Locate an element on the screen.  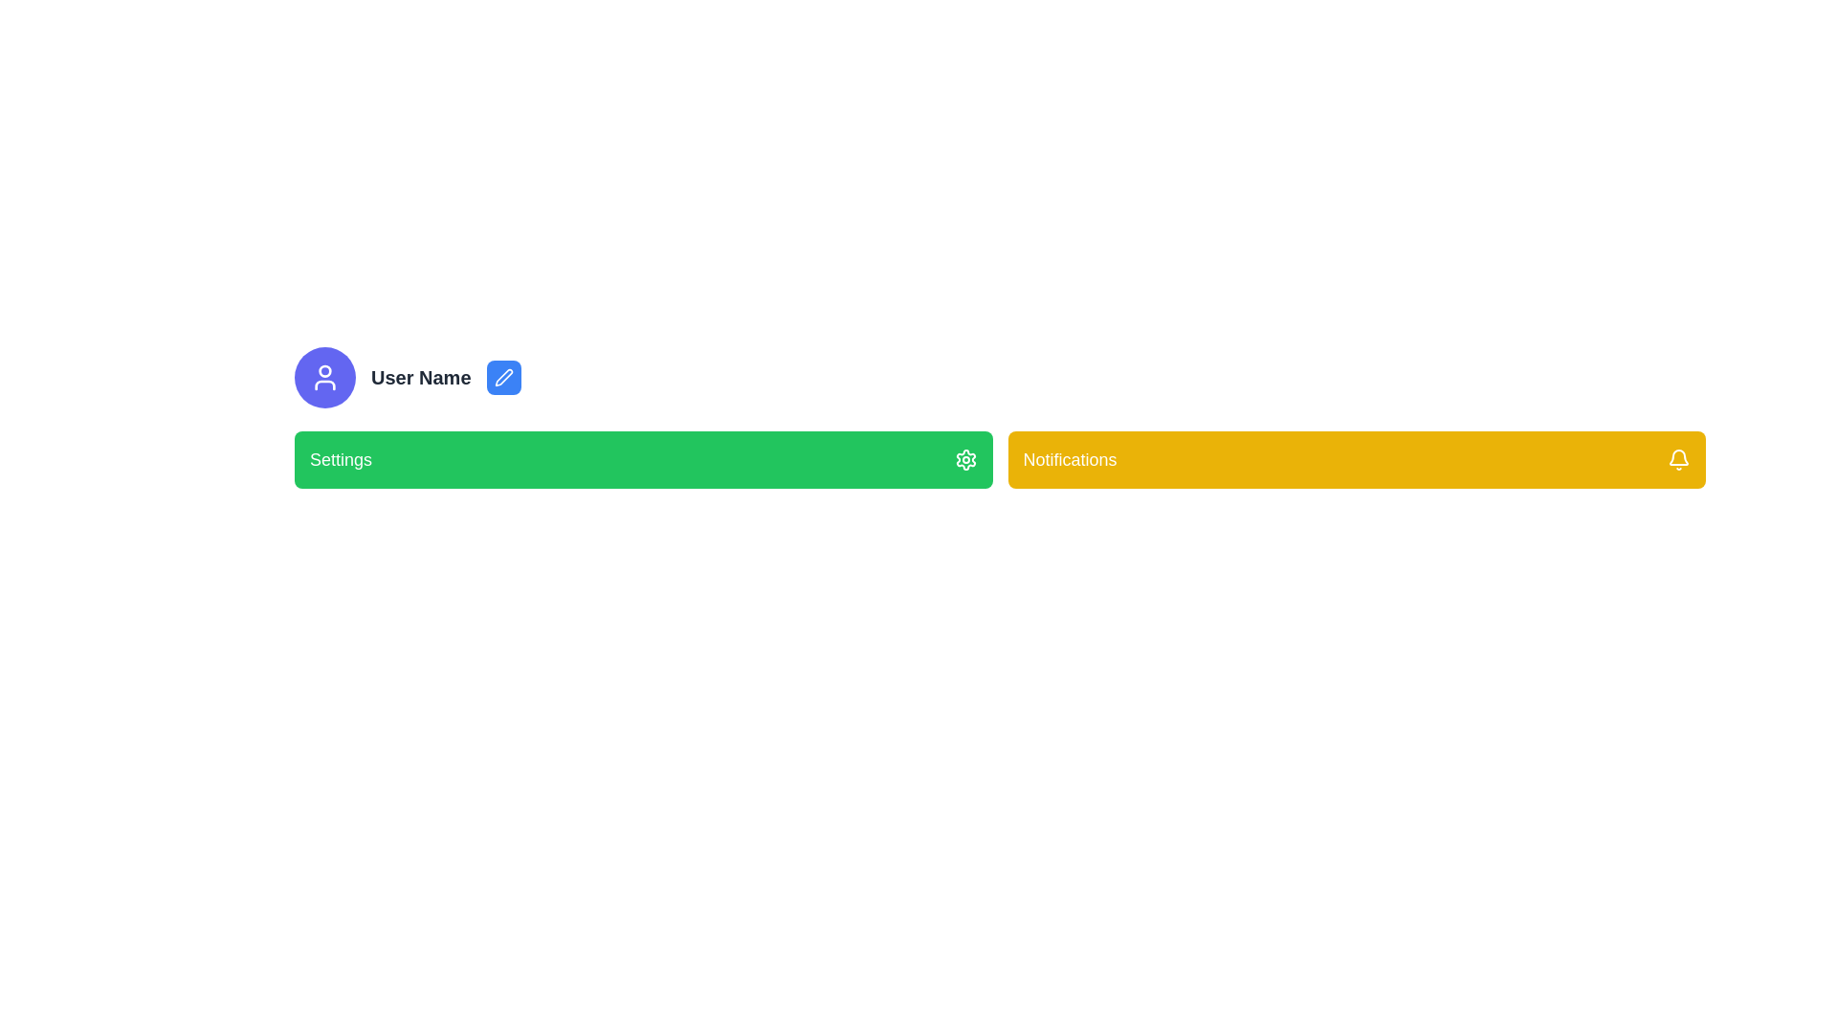
the cogwheel icon with a green background and white border is located at coordinates (965, 460).